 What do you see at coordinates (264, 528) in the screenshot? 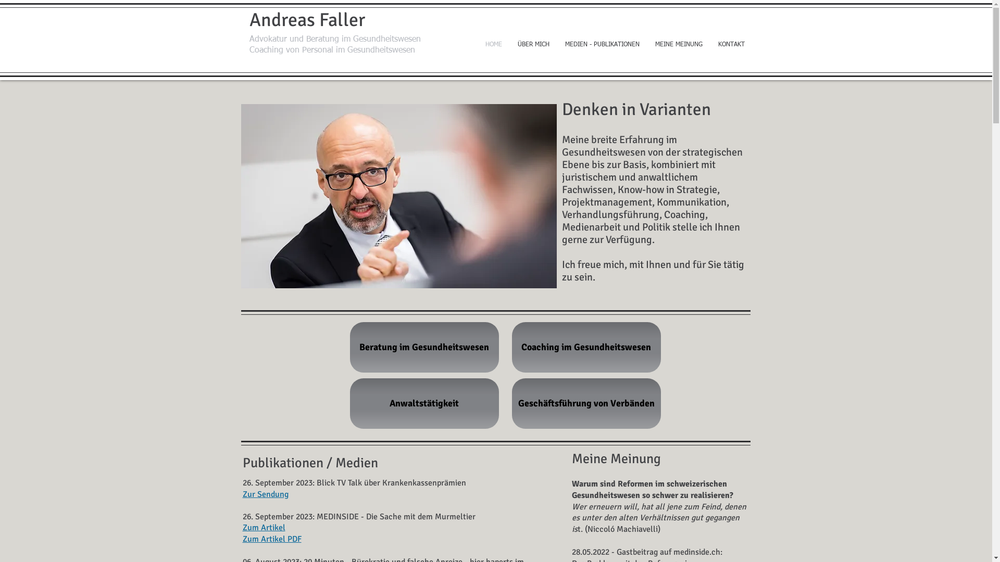
I see `'Zum Artikel'` at bounding box center [264, 528].